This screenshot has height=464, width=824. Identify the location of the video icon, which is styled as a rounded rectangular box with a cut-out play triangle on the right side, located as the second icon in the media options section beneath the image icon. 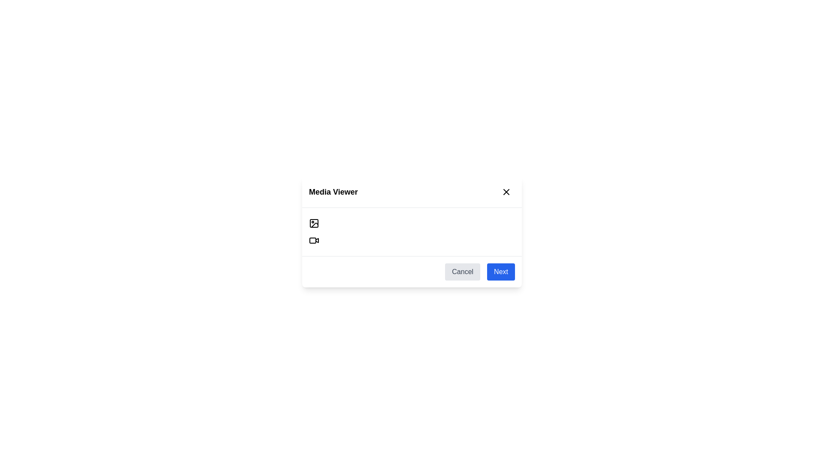
(313, 240).